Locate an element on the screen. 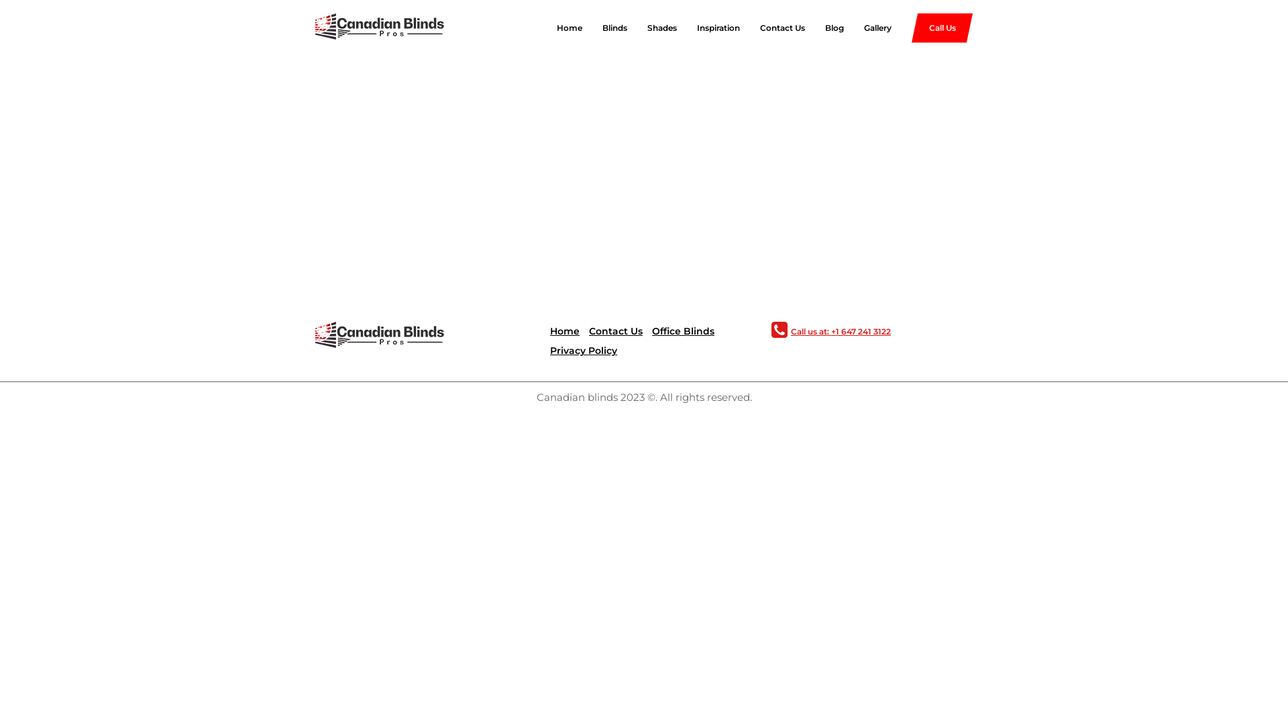 This screenshot has width=1288, height=724. 'Shades' is located at coordinates (651, 28).